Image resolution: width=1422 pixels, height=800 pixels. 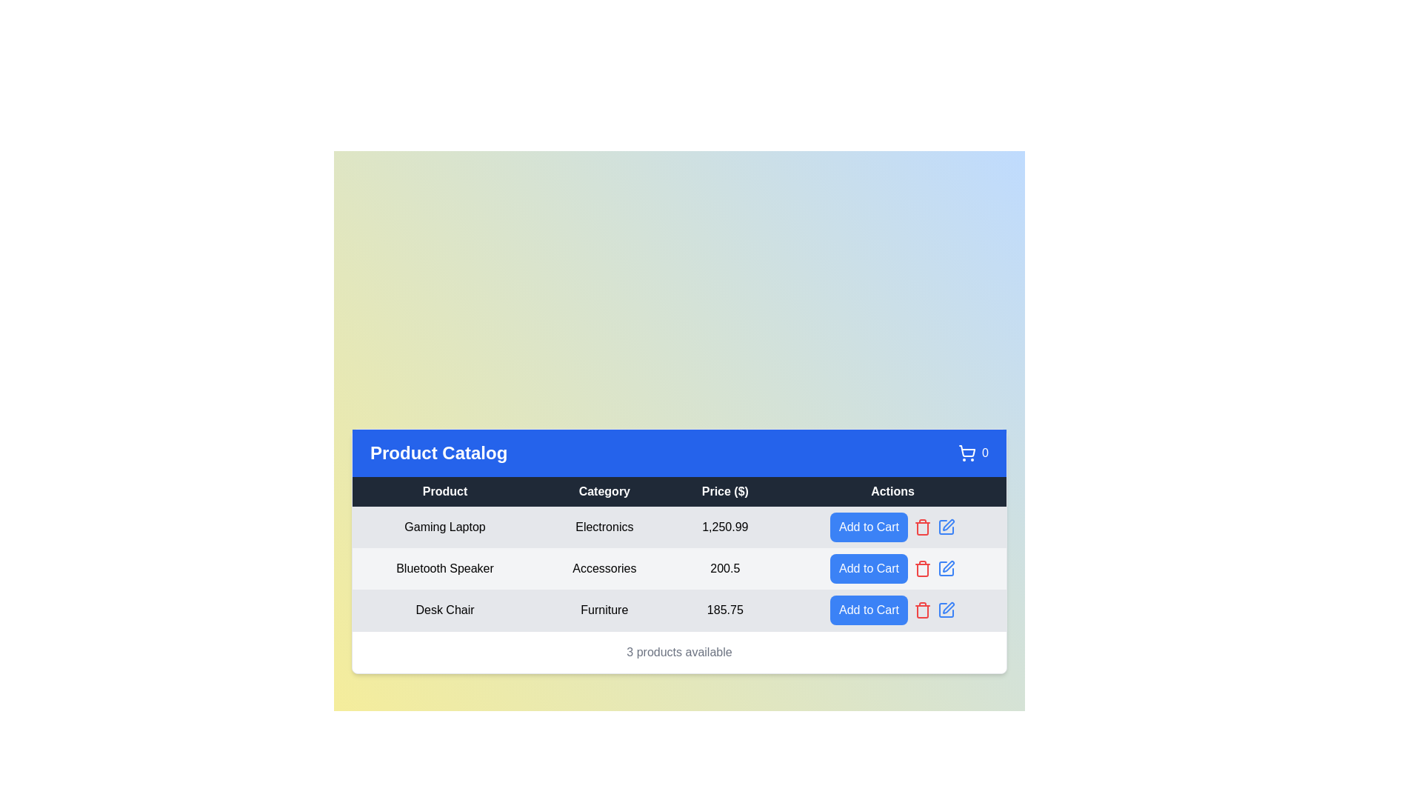 What do you see at coordinates (725, 610) in the screenshot?
I see `the static text label displaying the numeric value '185.75' in the 'Price ($)' column of the product catalog table` at bounding box center [725, 610].